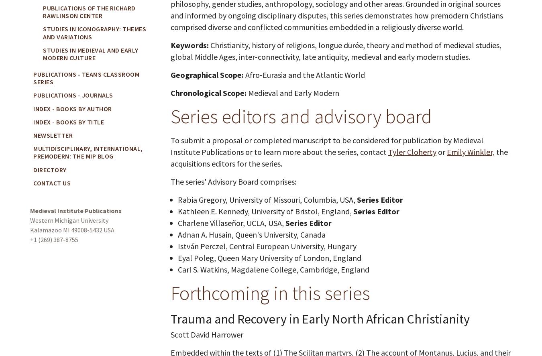 The height and width of the screenshot is (356, 542). I want to click on 'Afro‐Eurasia and the Atlantic World', so click(304, 74).